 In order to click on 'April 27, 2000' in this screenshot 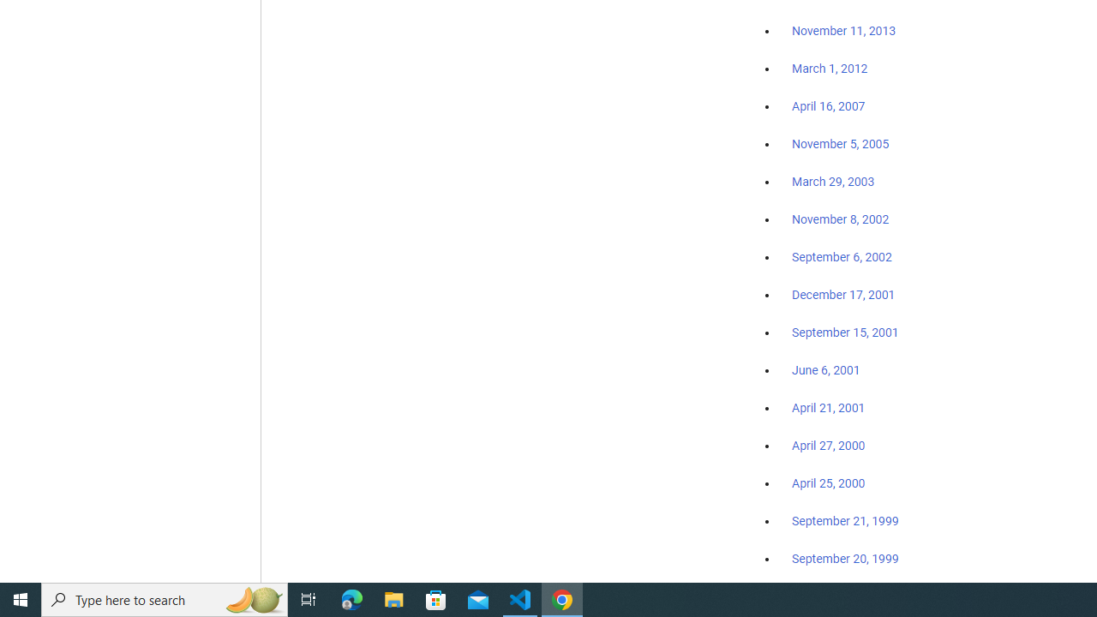, I will do `click(829, 445)`.